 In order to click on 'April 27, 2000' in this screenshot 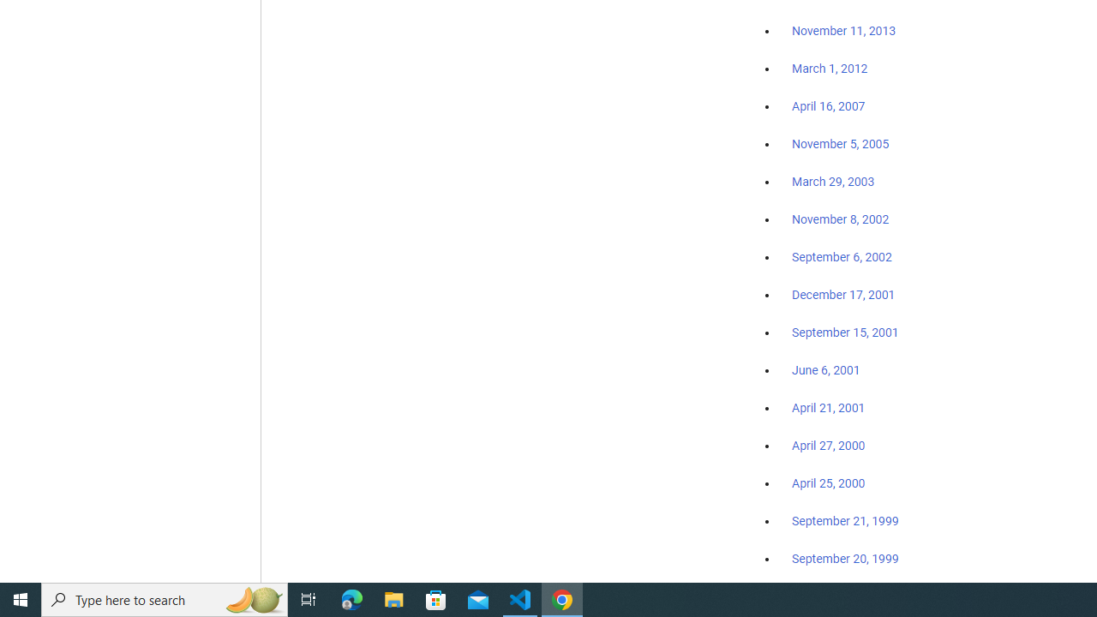, I will do `click(829, 445)`.